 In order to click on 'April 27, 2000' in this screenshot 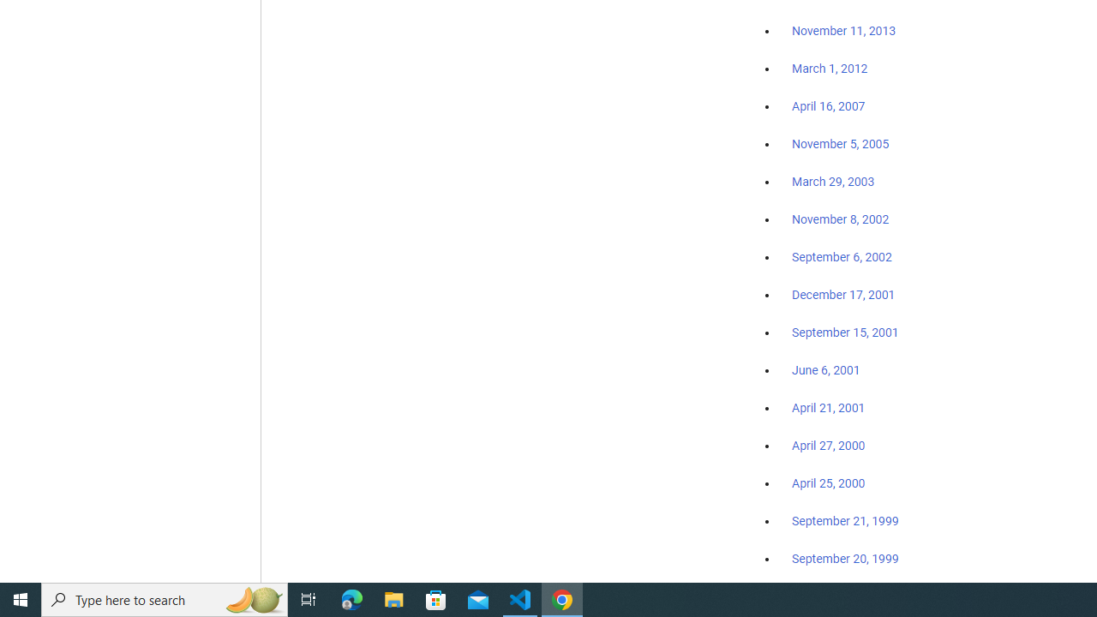, I will do `click(829, 445)`.